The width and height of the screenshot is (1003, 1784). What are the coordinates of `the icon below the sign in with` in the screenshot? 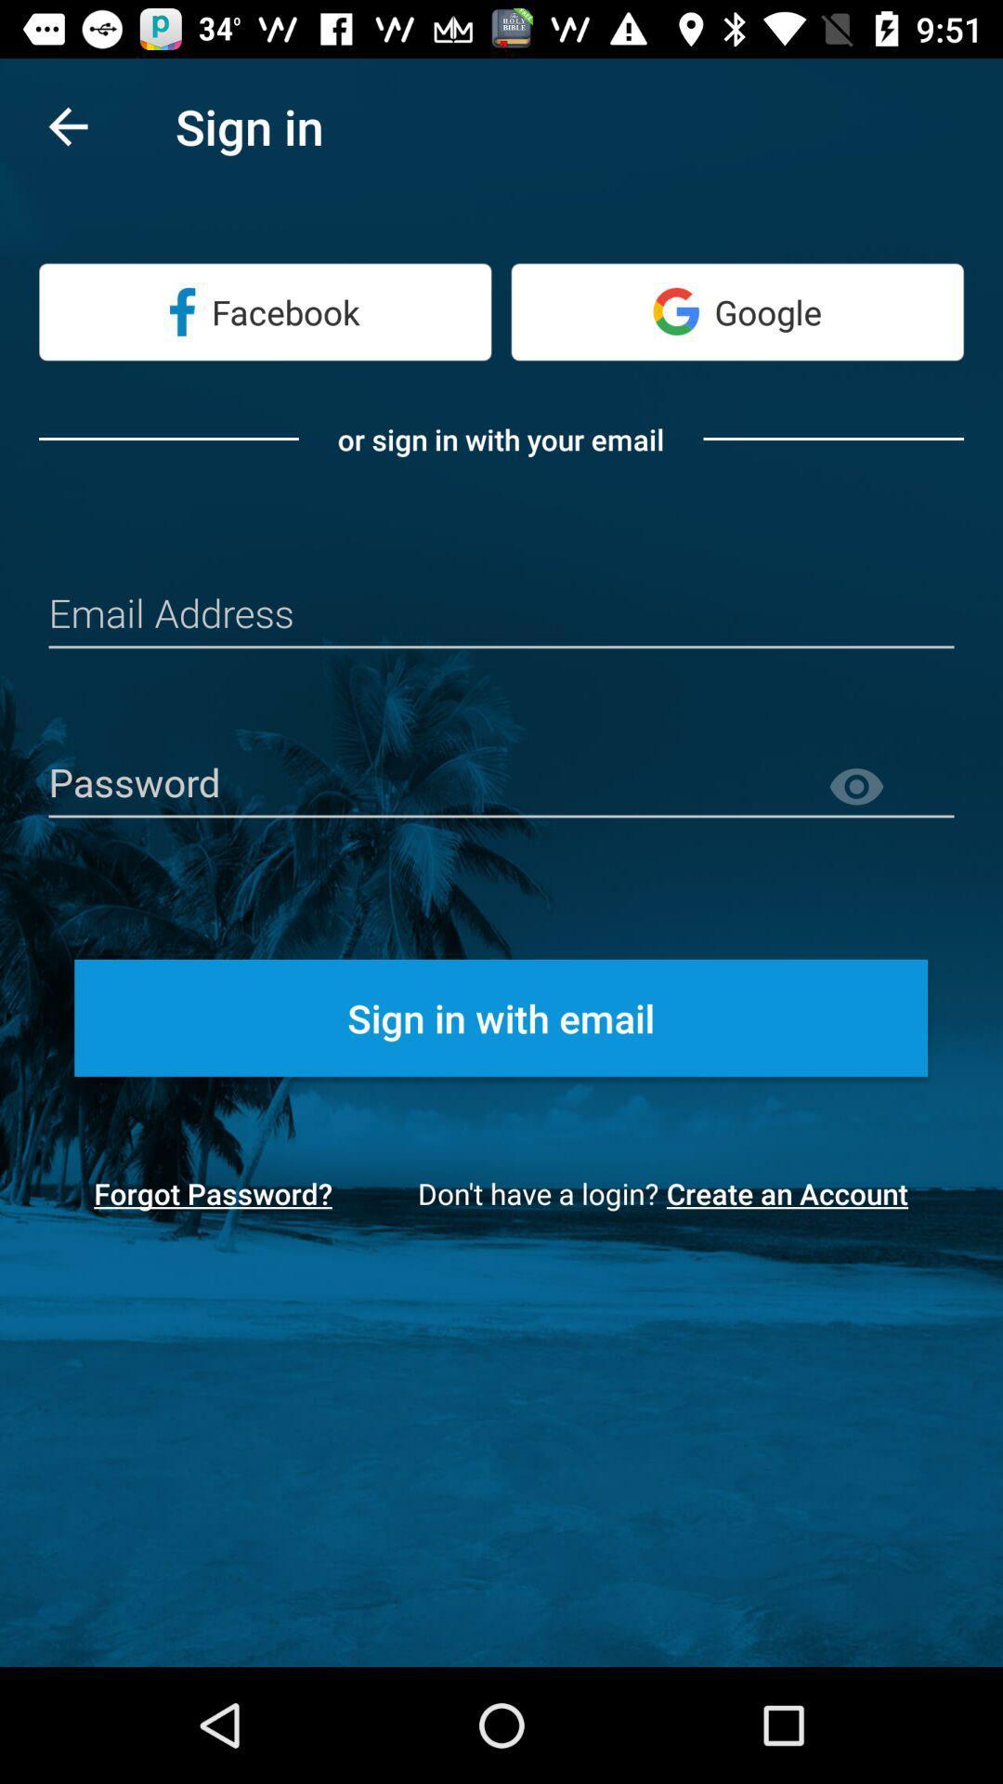 It's located at (212, 1193).